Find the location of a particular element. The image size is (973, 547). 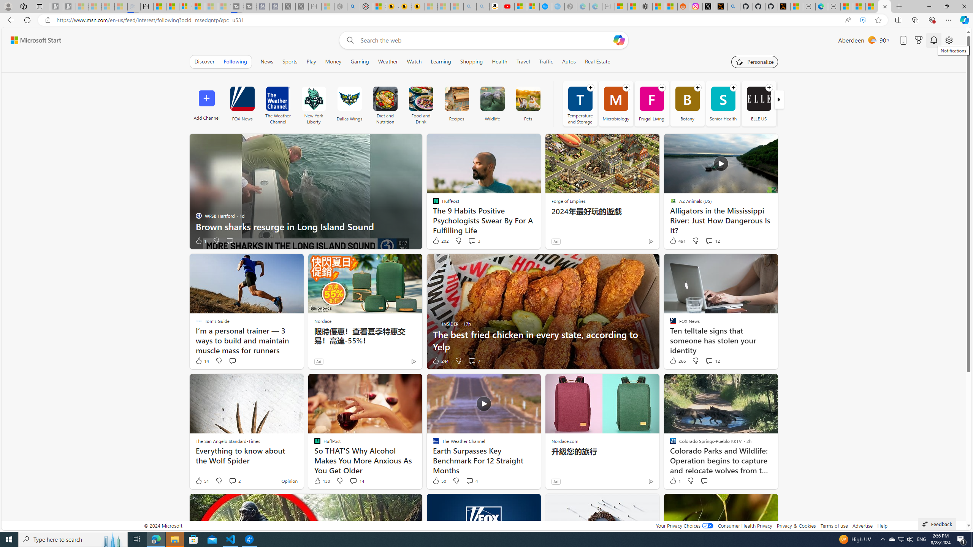

'View comments 7 Comment' is located at coordinates (474, 360).